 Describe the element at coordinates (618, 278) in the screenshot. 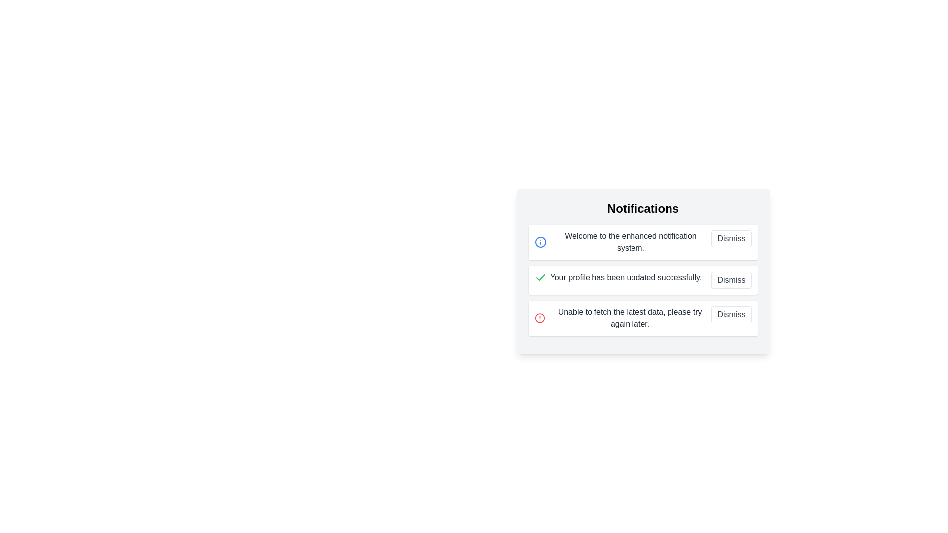

I see `the text label displaying 'Your profile has been updated successfully.' which is styled with gray text and has a green checkmark icon to its left` at that location.